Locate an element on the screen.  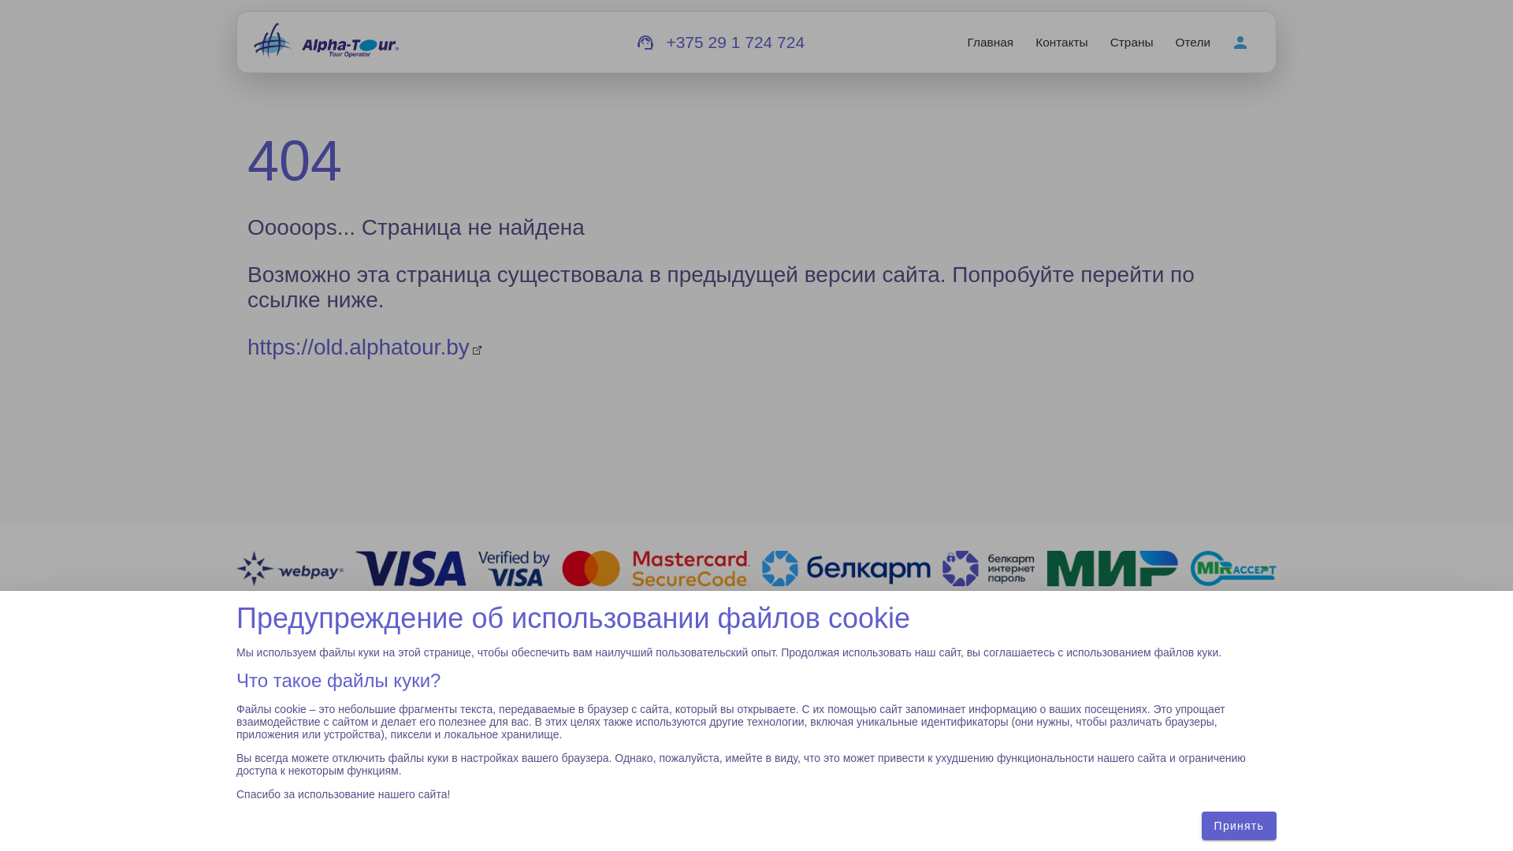
'zakaz@alphatour.by' is located at coordinates (308, 723).